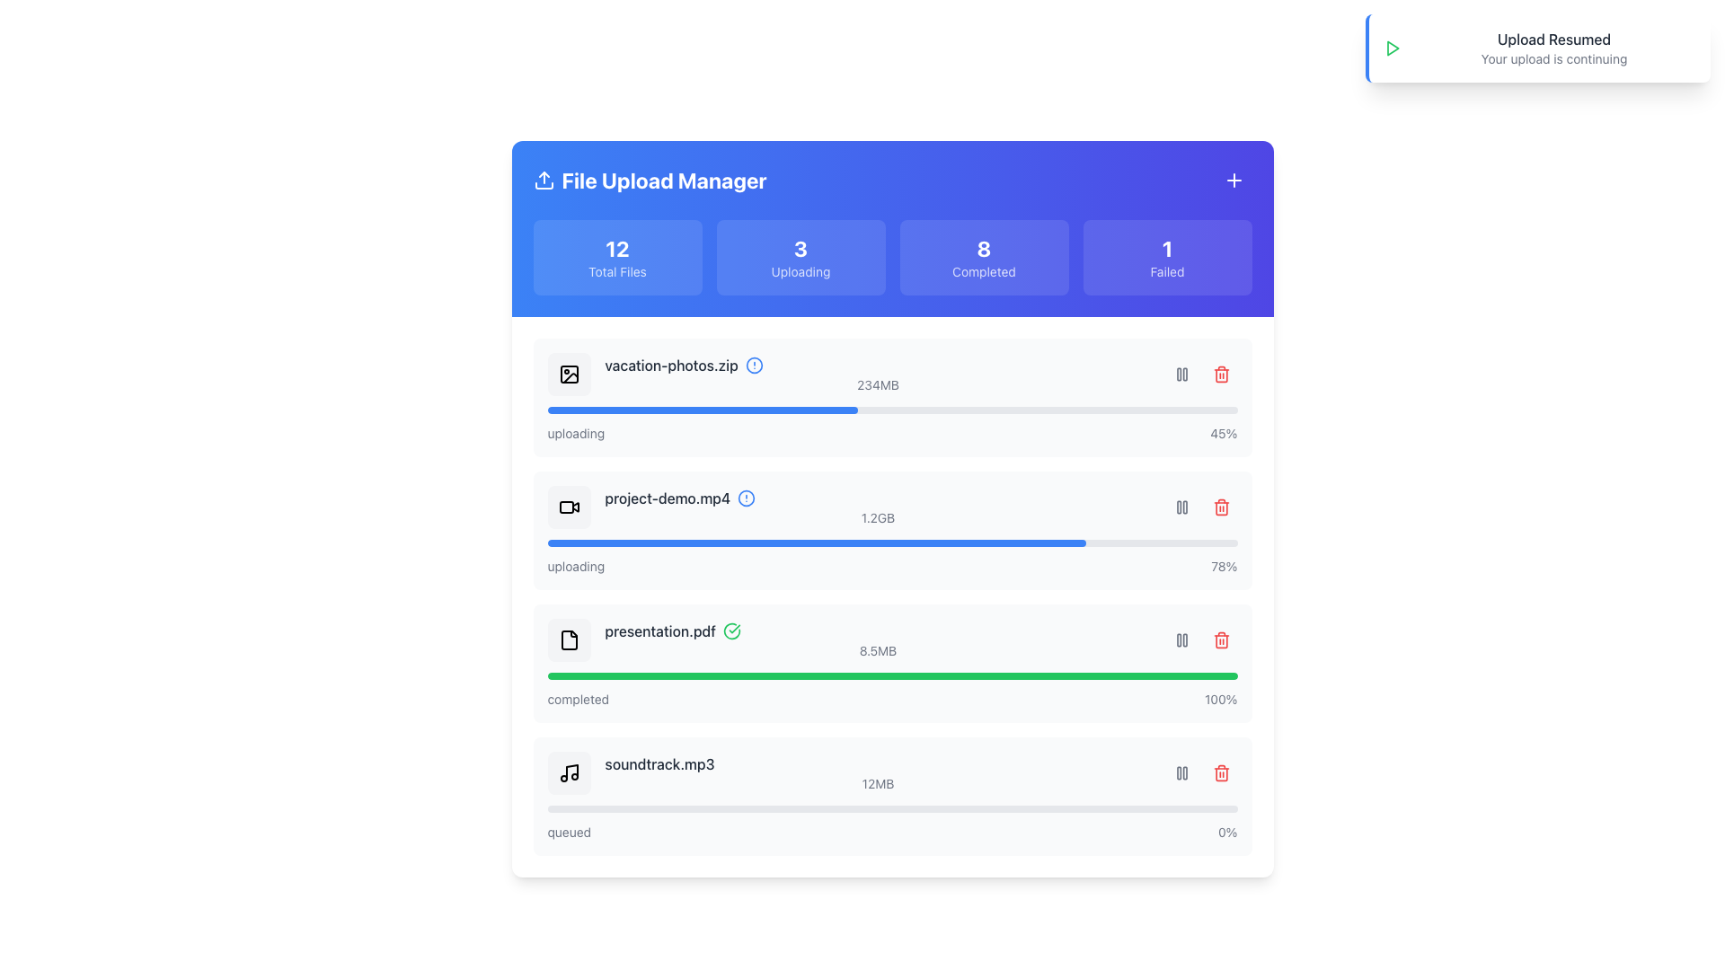  What do you see at coordinates (983, 249) in the screenshot?
I see `the large, bold numeral '8' displayed in the 'Completed' box, which is emphasized as the main value in a gradient blue background with white text` at bounding box center [983, 249].